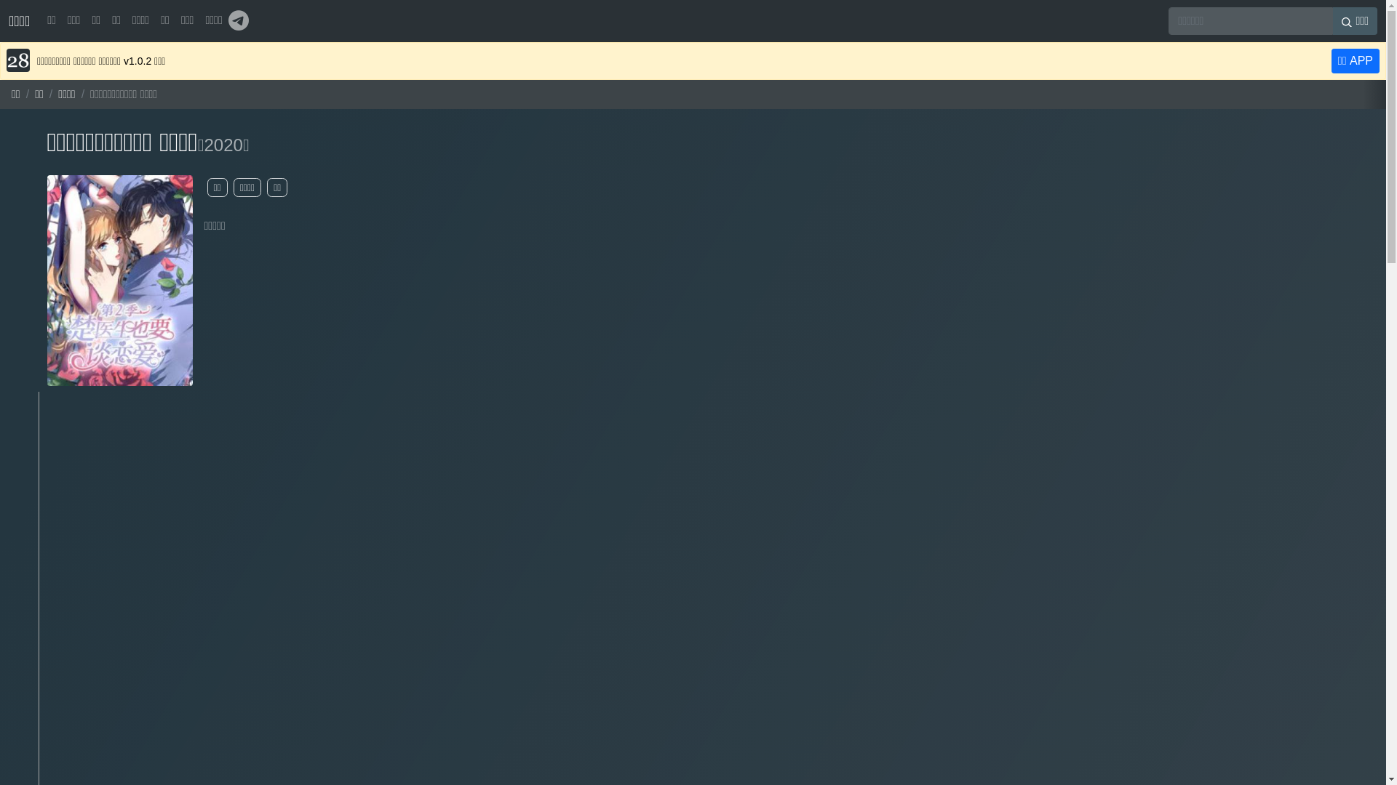 The width and height of the screenshot is (1397, 785). Describe the element at coordinates (222, 145) in the screenshot. I see `'2020'` at that location.